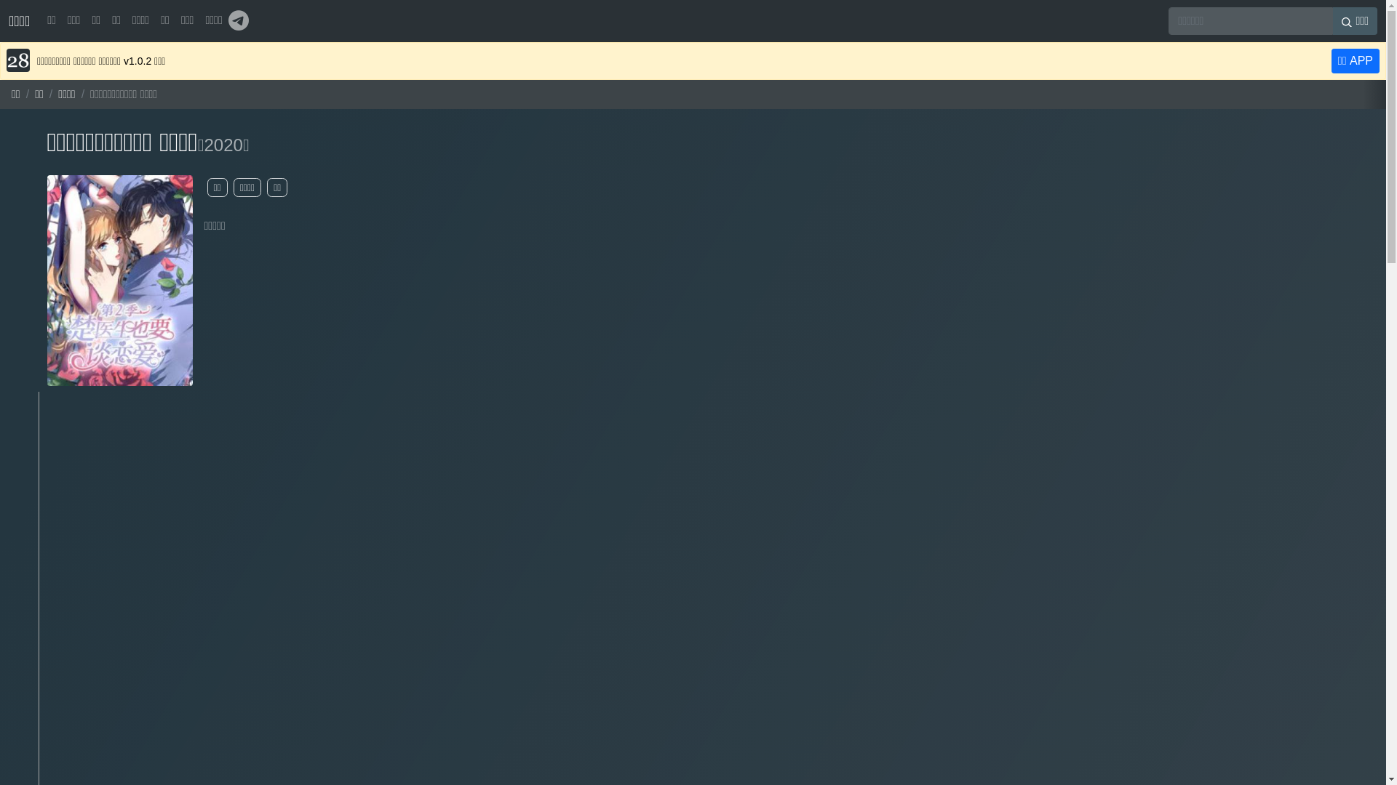 The width and height of the screenshot is (1397, 785). Describe the element at coordinates (222, 145) in the screenshot. I see `'2020'` at that location.